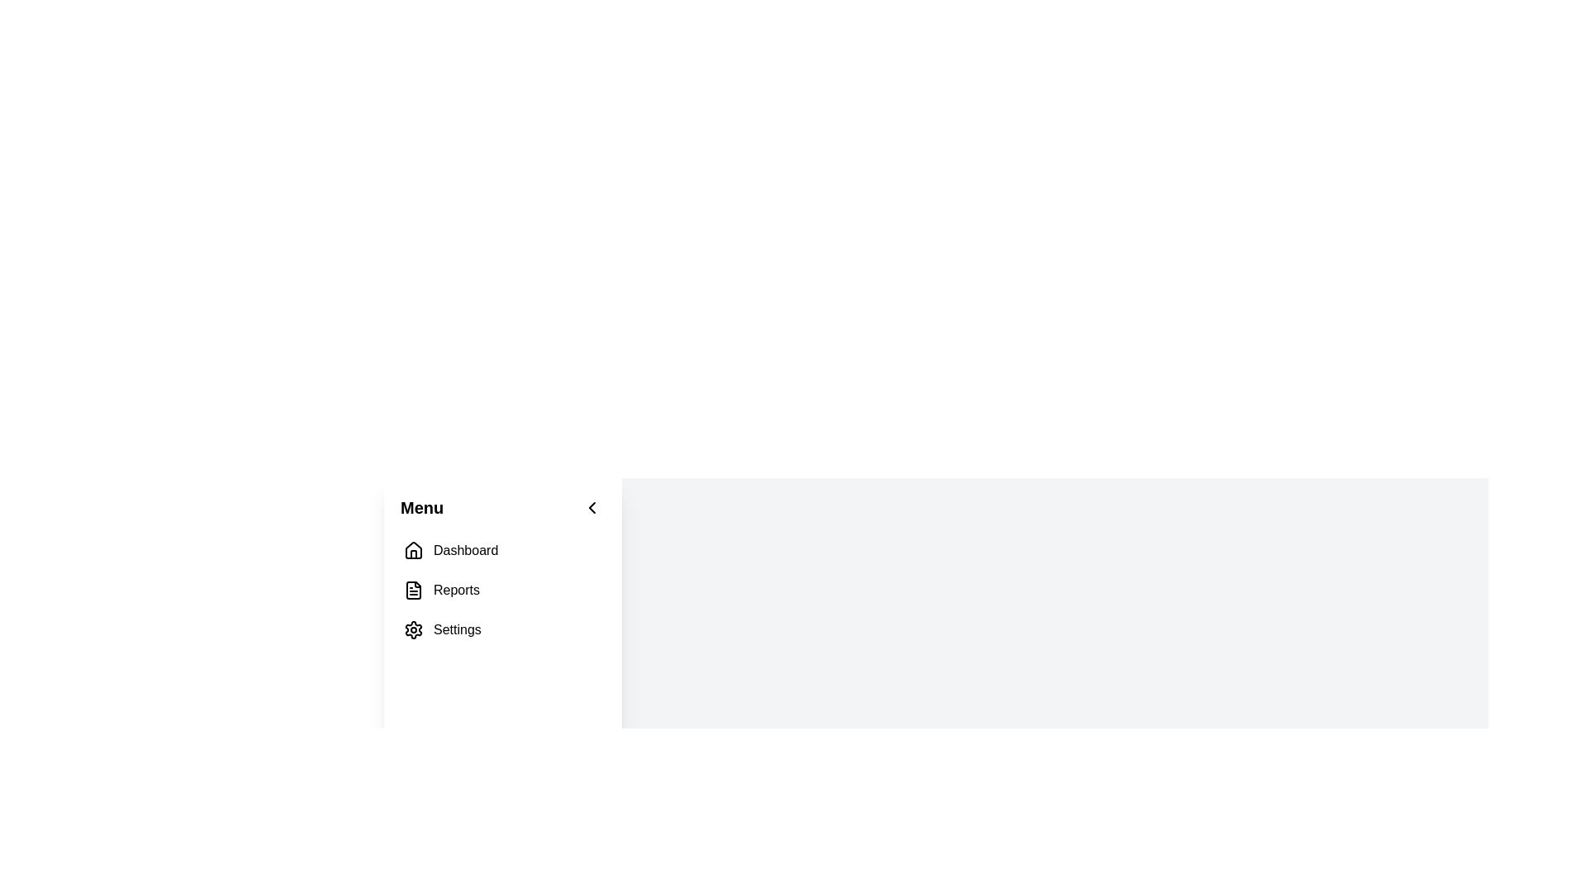 The width and height of the screenshot is (1586, 892). Describe the element at coordinates (413, 589) in the screenshot. I see `the 'Reports' file icon in the left navigation menu` at that location.